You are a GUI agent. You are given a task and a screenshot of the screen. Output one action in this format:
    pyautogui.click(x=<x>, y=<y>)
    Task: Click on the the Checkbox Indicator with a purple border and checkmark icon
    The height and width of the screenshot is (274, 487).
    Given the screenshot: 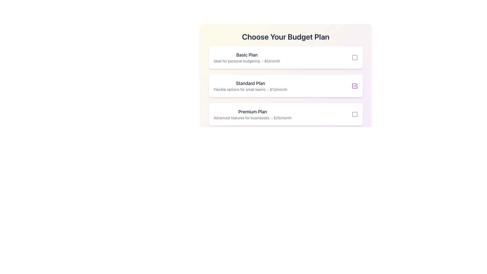 What is the action you would take?
    pyautogui.click(x=354, y=86)
    